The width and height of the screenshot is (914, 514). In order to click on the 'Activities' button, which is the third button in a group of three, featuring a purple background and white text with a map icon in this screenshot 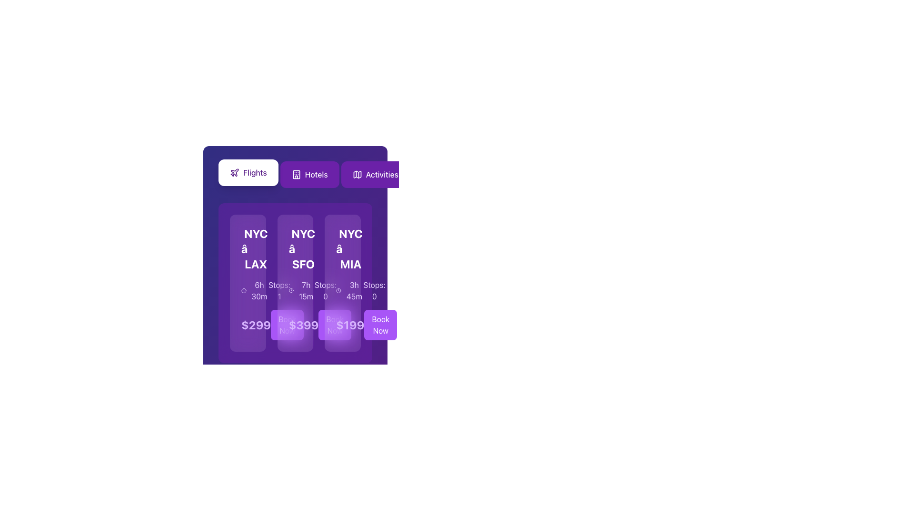, I will do `click(375, 174)`.